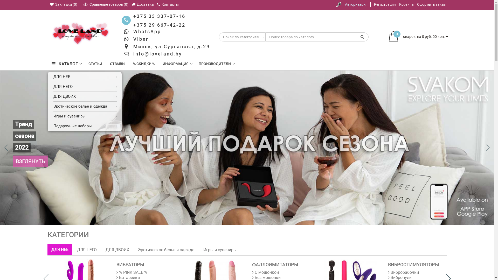 The image size is (498, 280). Describe the element at coordinates (393, 37) in the screenshot. I see `'cart'` at that location.